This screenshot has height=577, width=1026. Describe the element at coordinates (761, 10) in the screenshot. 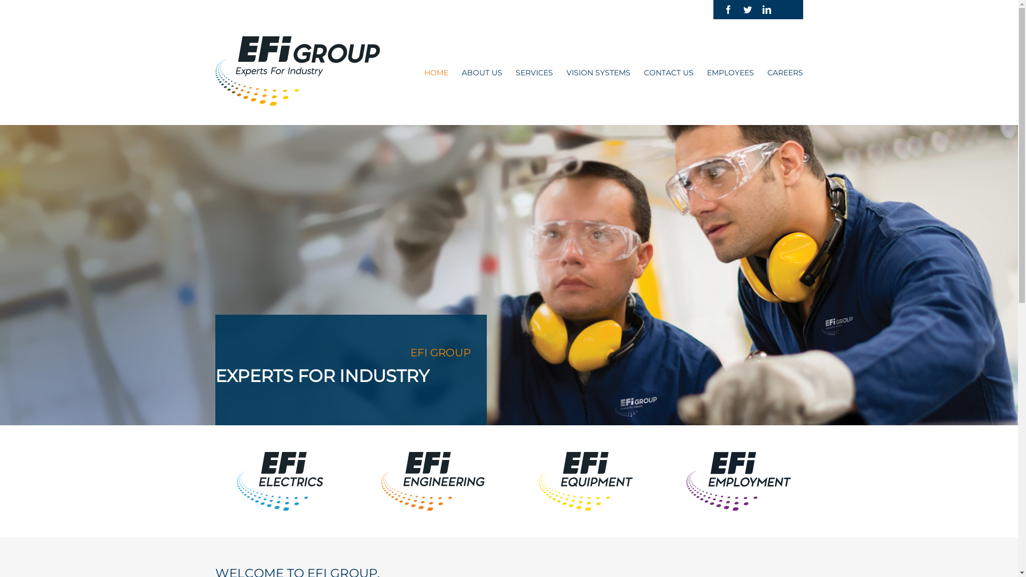

I see `'Linkedin'` at that location.